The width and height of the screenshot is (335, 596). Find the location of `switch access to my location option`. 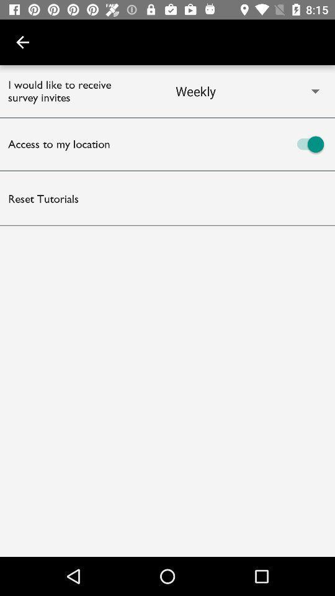

switch access to my location option is located at coordinates (251, 144).